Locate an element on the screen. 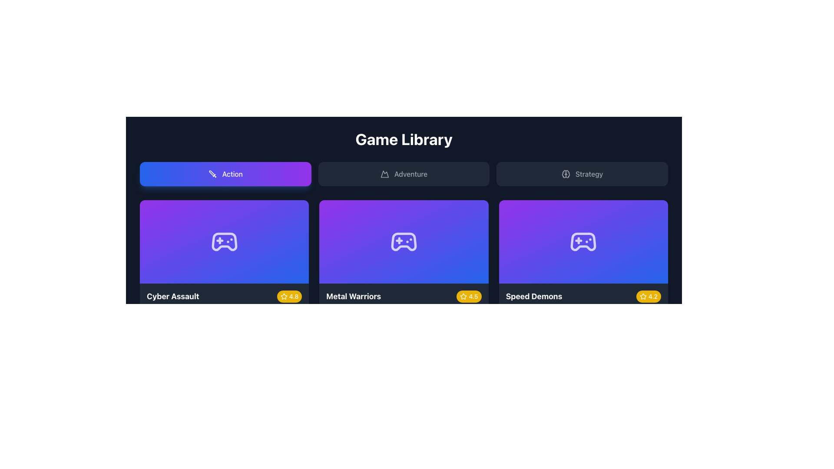  the button labeled 'Action', which is a rectangular button with a gradient background from blue to purple, containing a white sword icon on the left and bold white text on the right, to filter content is located at coordinates (225, 174).